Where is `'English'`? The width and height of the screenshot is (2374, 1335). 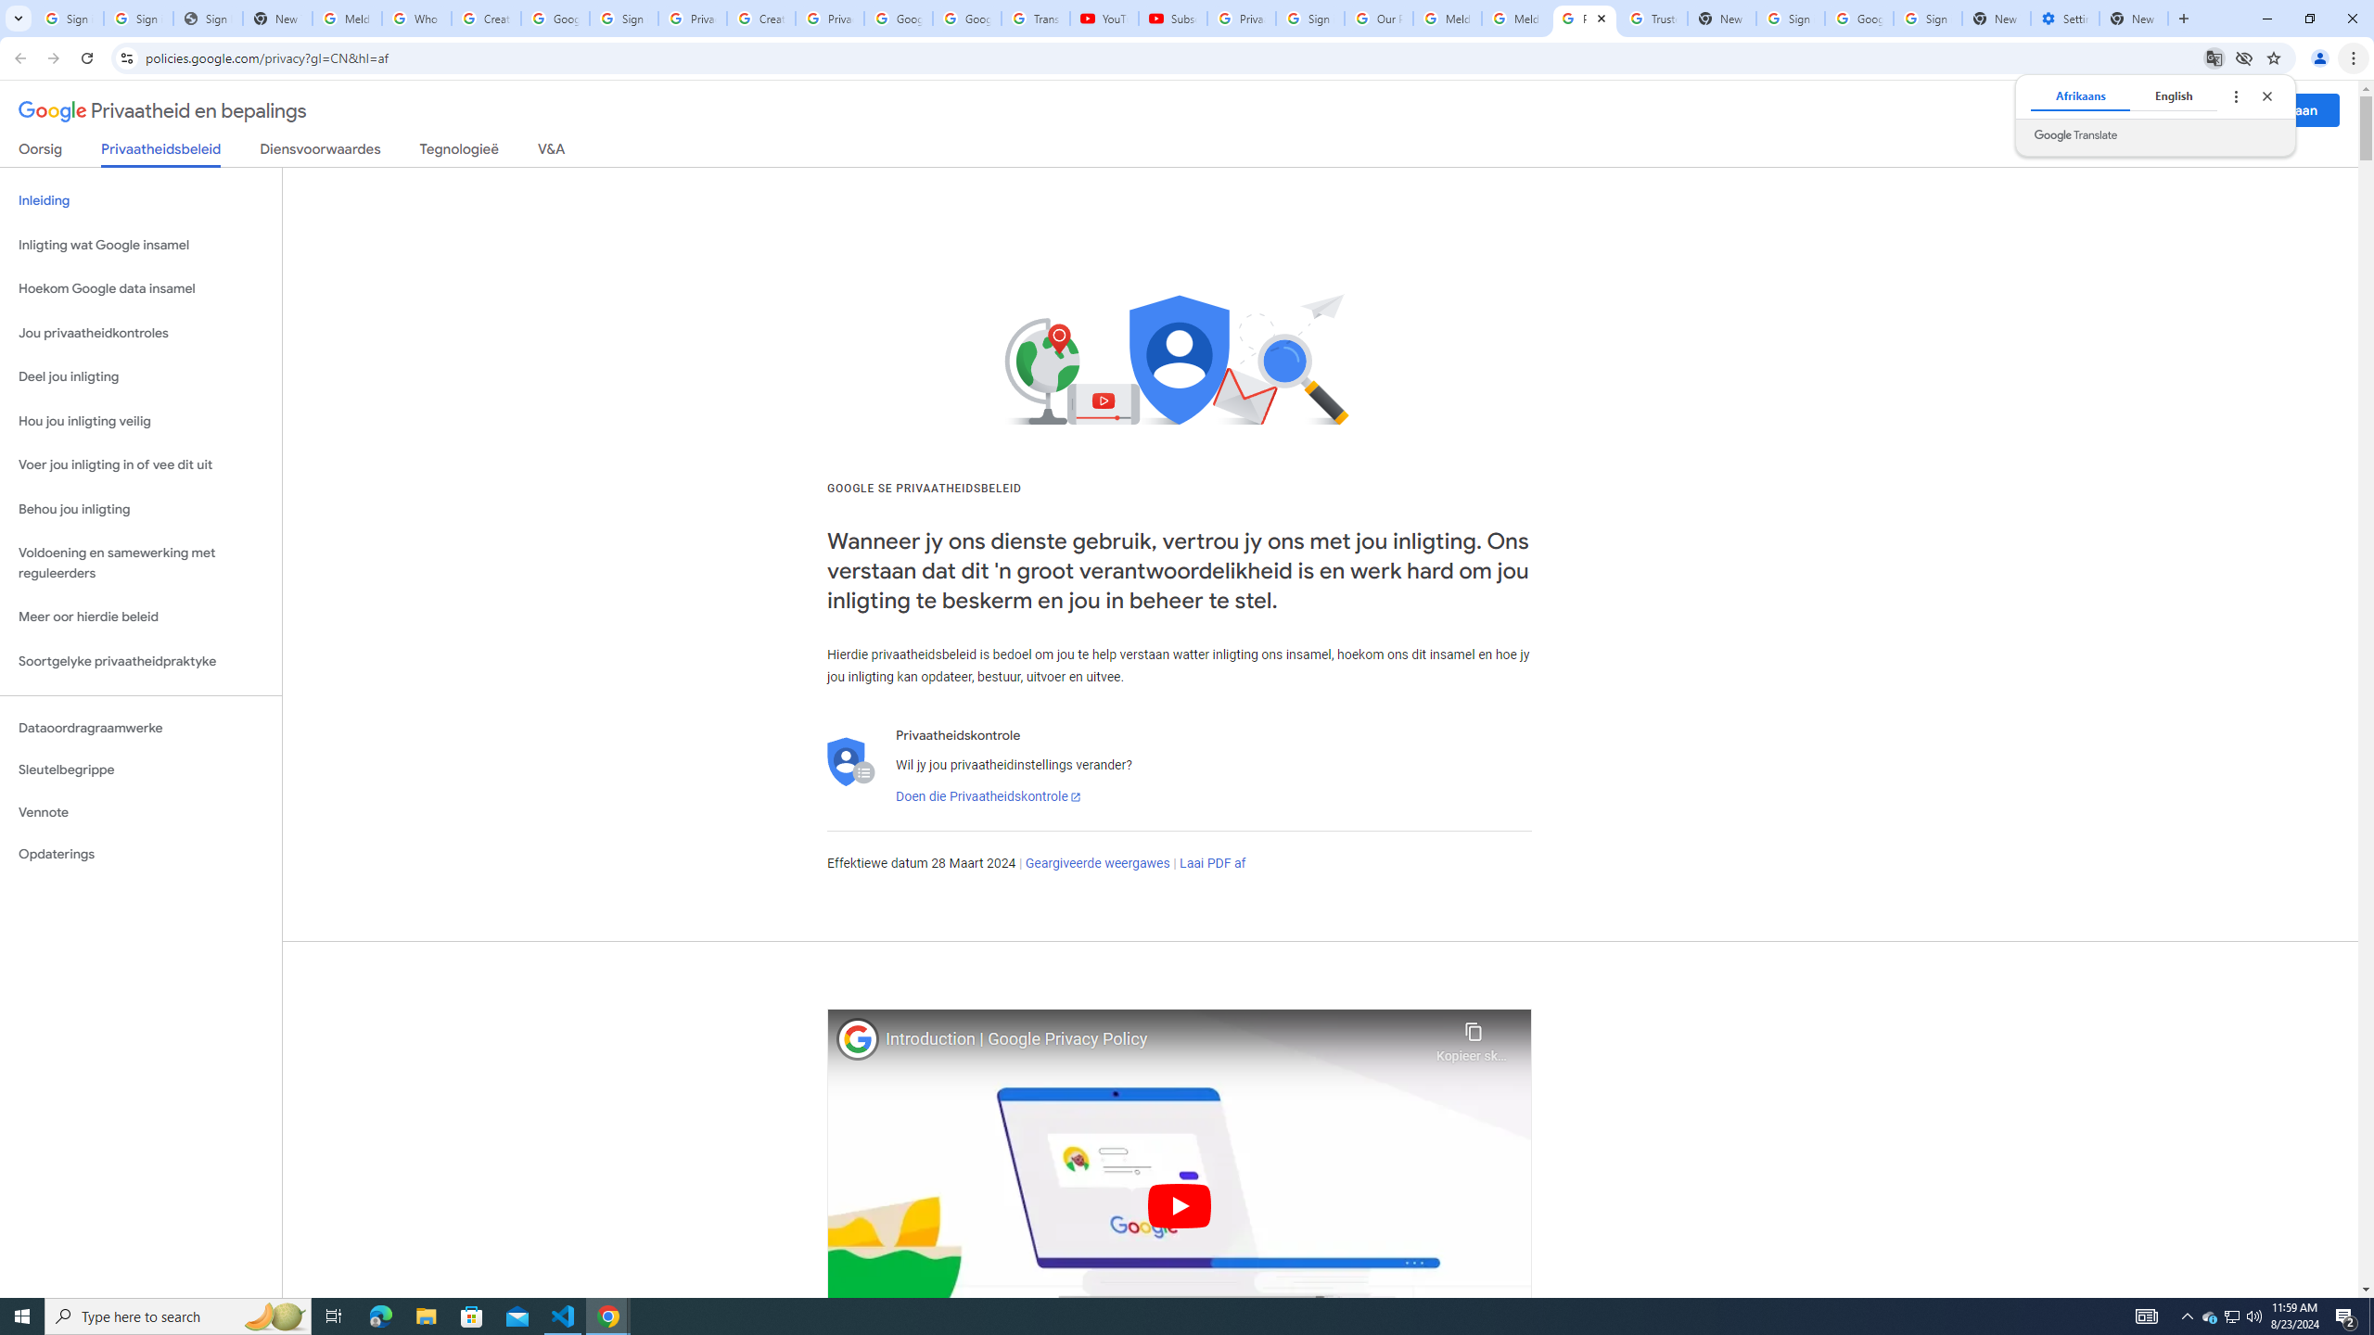
'English' is located at coordinates (2173, 95).